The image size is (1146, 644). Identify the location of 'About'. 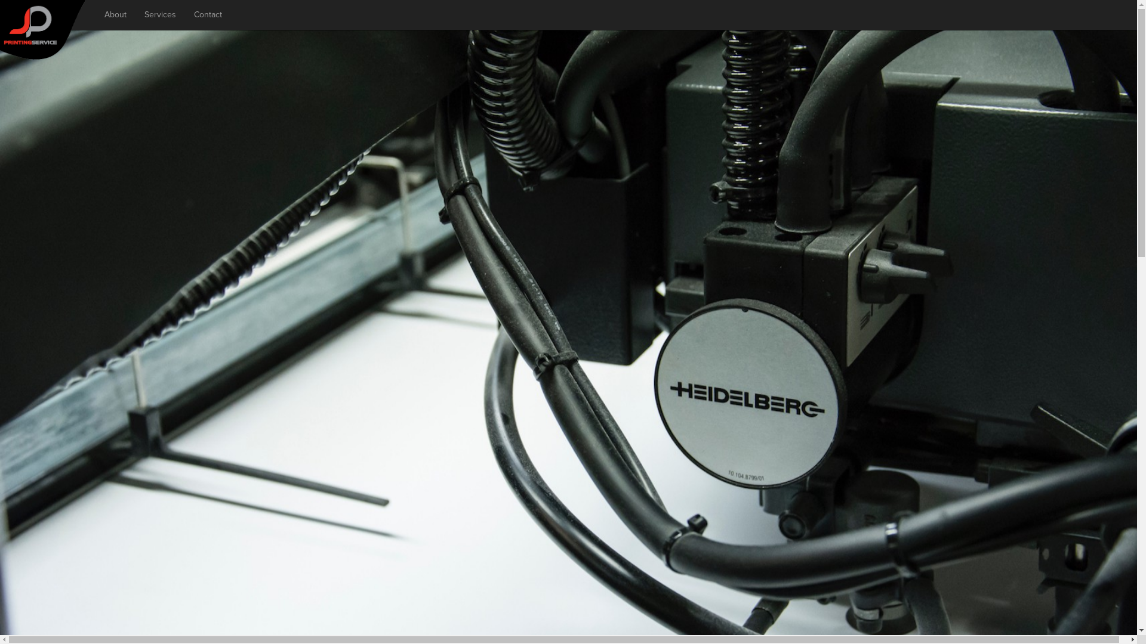
(115, 14).